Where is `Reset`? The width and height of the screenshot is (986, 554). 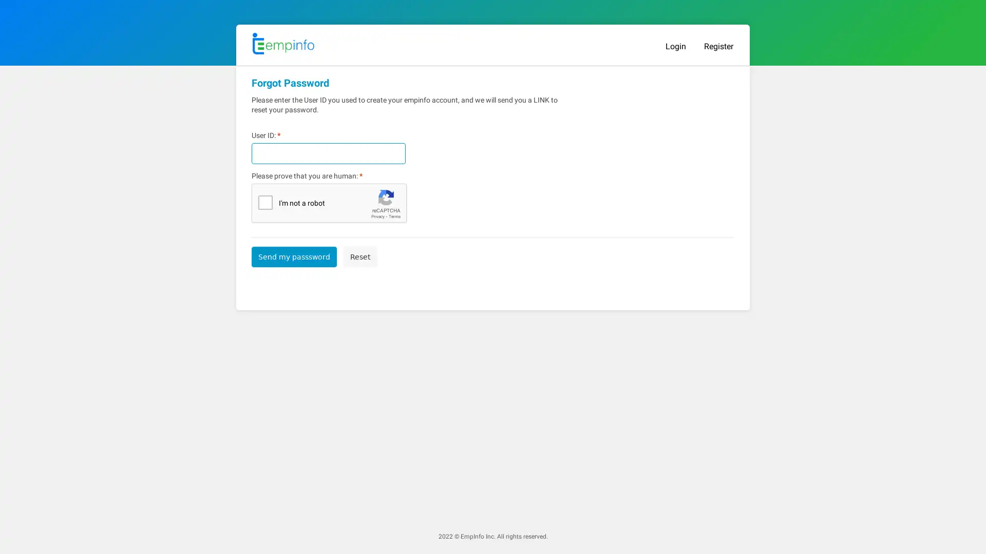 Reset is located at coordinates (360, 256).